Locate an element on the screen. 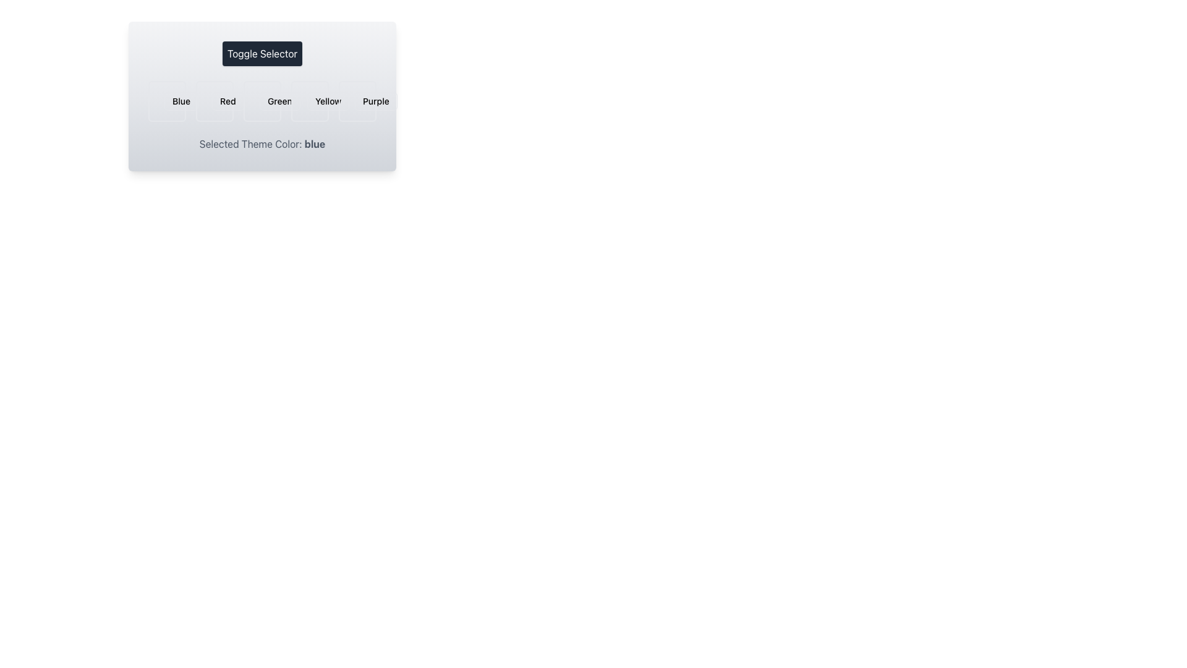  the 'Red' theme color button, which is the second button in a horizontal row of color selection buttons is located at coordinates (228, 101).